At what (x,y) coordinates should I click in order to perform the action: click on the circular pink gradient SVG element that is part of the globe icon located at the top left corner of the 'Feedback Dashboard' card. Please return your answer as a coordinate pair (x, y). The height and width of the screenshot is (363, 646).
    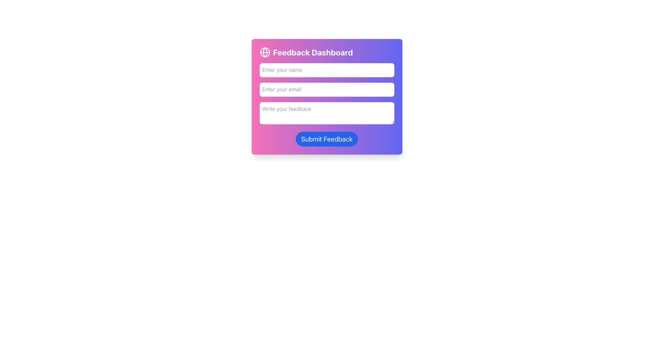
    Looking at the image, I should click on (264, 52).